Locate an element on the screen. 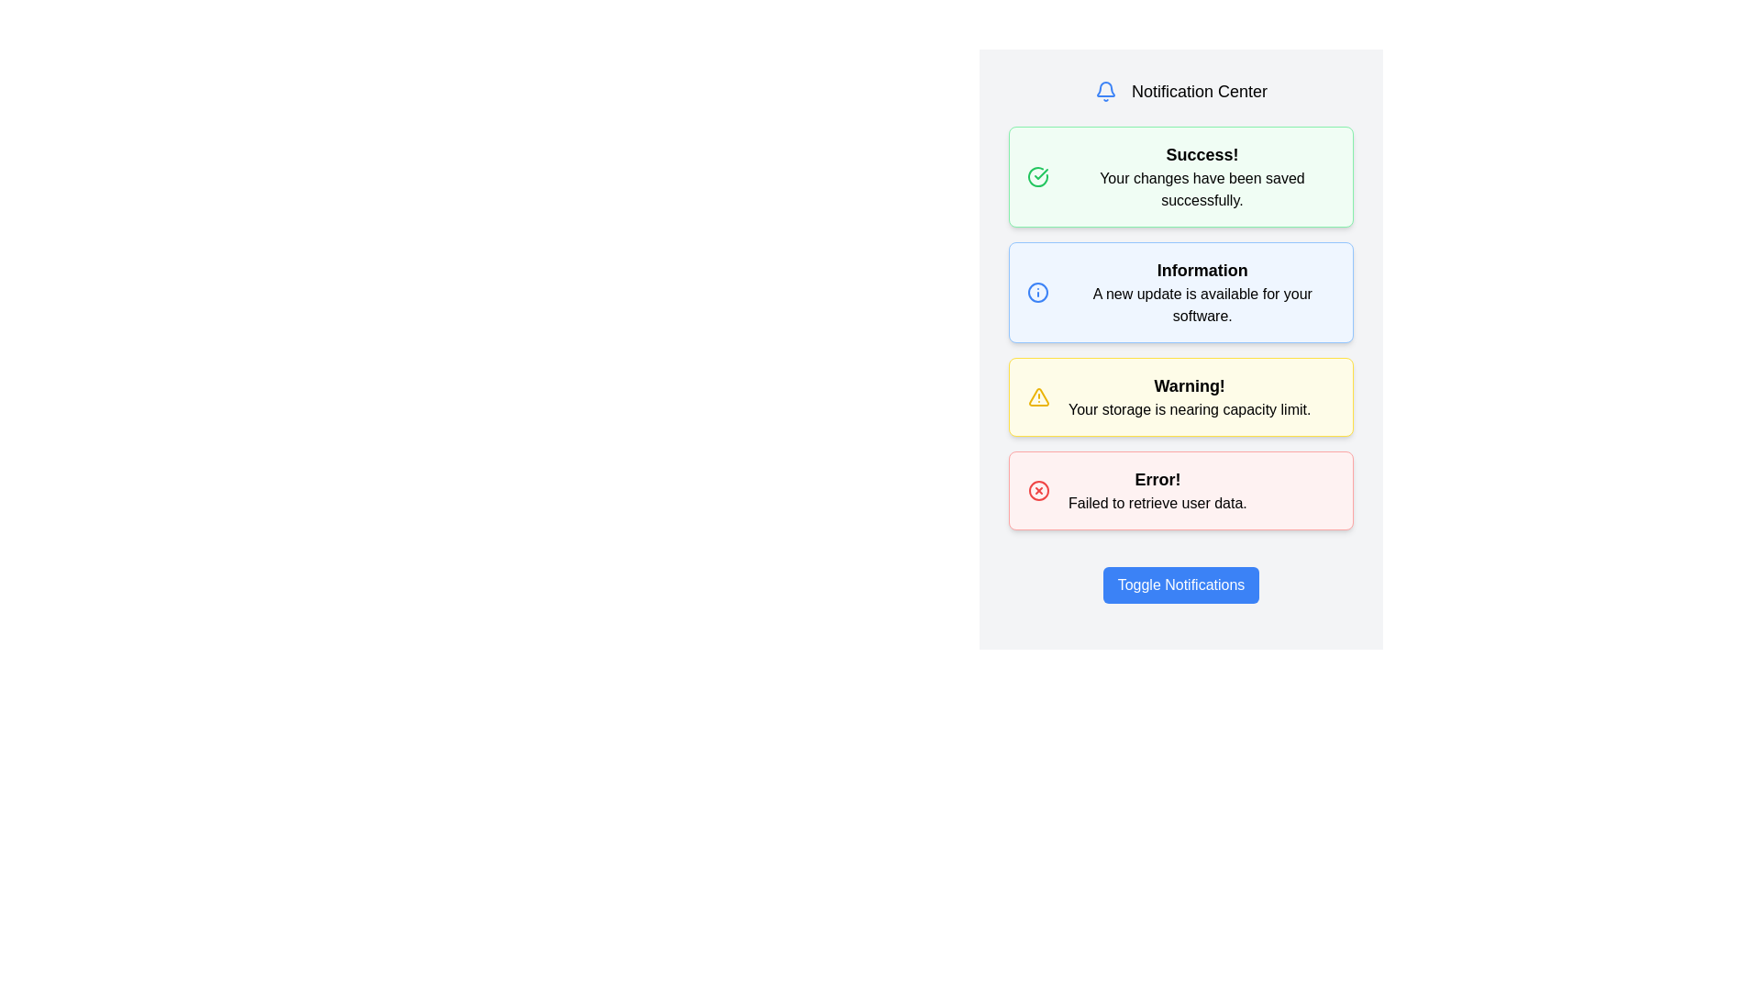 The width and height of the screenshot is (1761, 991). text from the notification block that informs the user of software update availability, which is the second notification in the list, located below the 'Success!' notification and above the 'Warning!' notification is located at coordinates (1202, 292).